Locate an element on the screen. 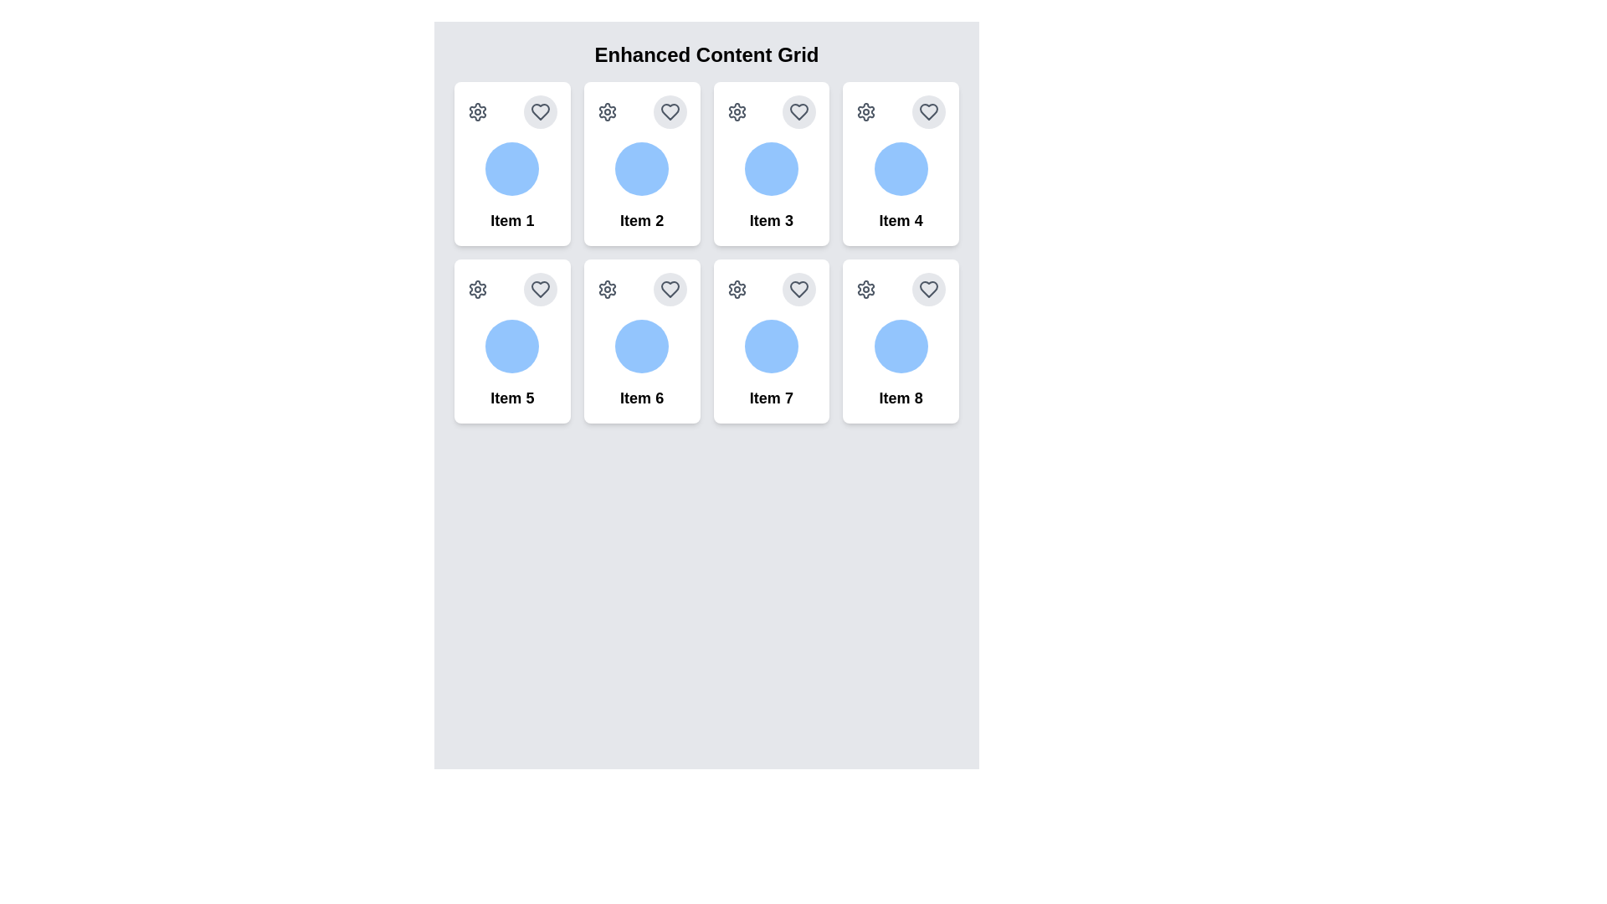 This screenshot has width=1607, height=904. the heart icon in the upper-right corner of the card labeled 'Item 7', located in the second row, third column of the grid layout is located at coordinates (798, 289).